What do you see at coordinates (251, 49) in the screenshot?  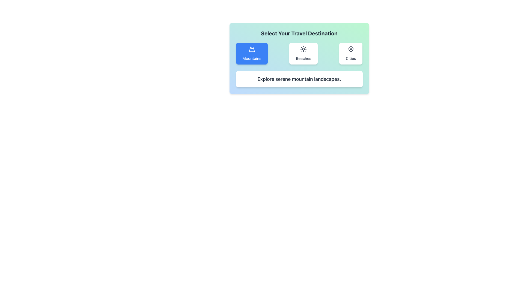 I see `SVG Icon associated with the 'Mountains' button, which is the first option in a row of destination choices` at bounding box center [251, 49].